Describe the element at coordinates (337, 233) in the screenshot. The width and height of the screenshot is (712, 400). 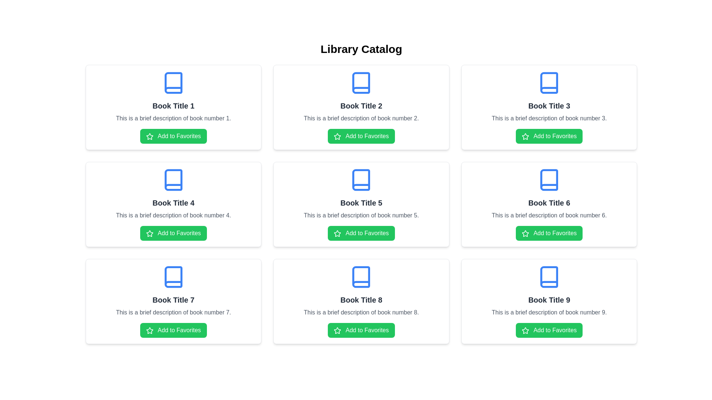
I see `the first icon within the 'Add to Favorites' button associated with the card labeled 'Book Title 5'` at that location.